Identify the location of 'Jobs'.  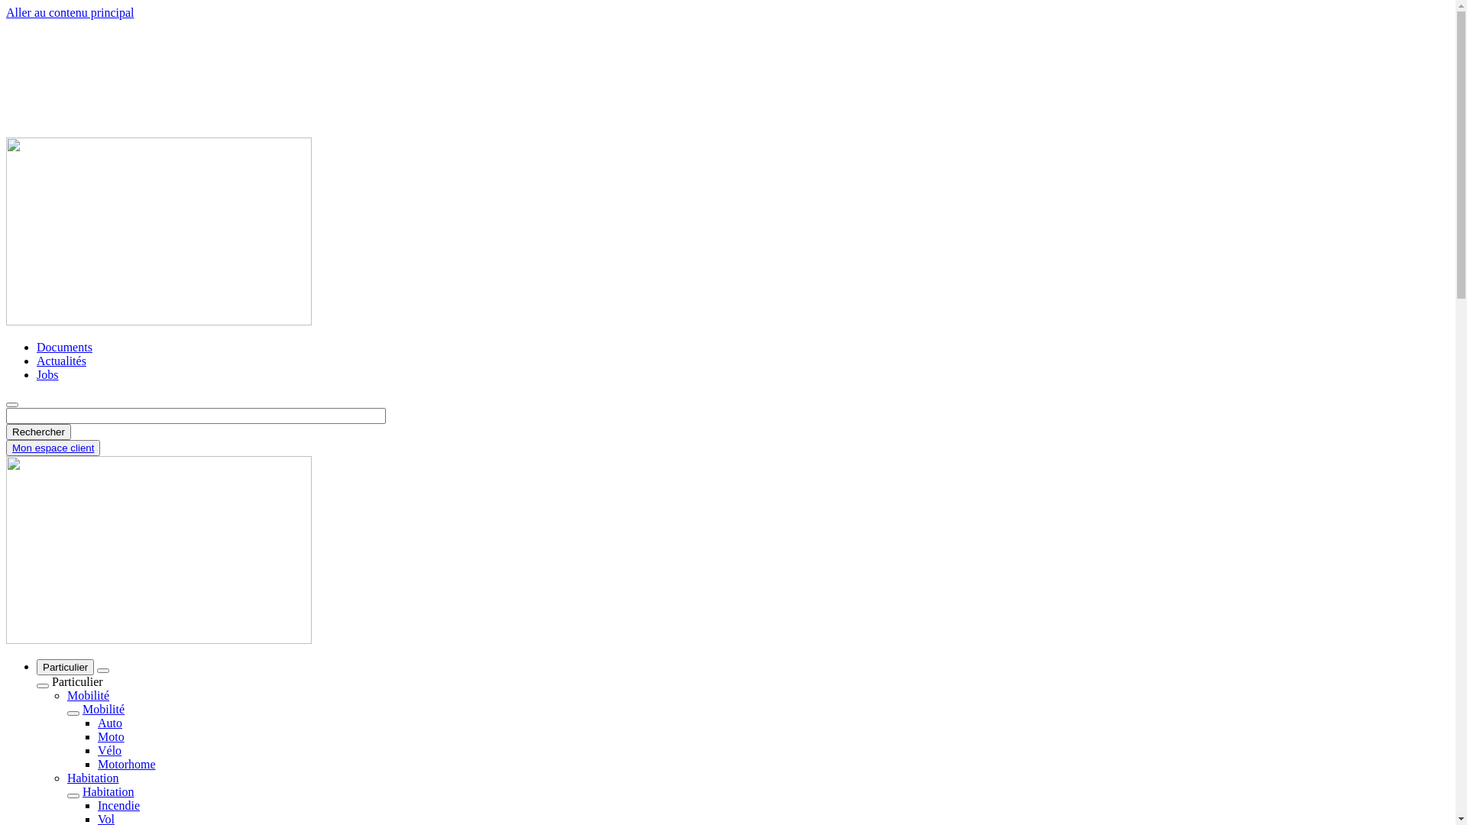
(47, 374).